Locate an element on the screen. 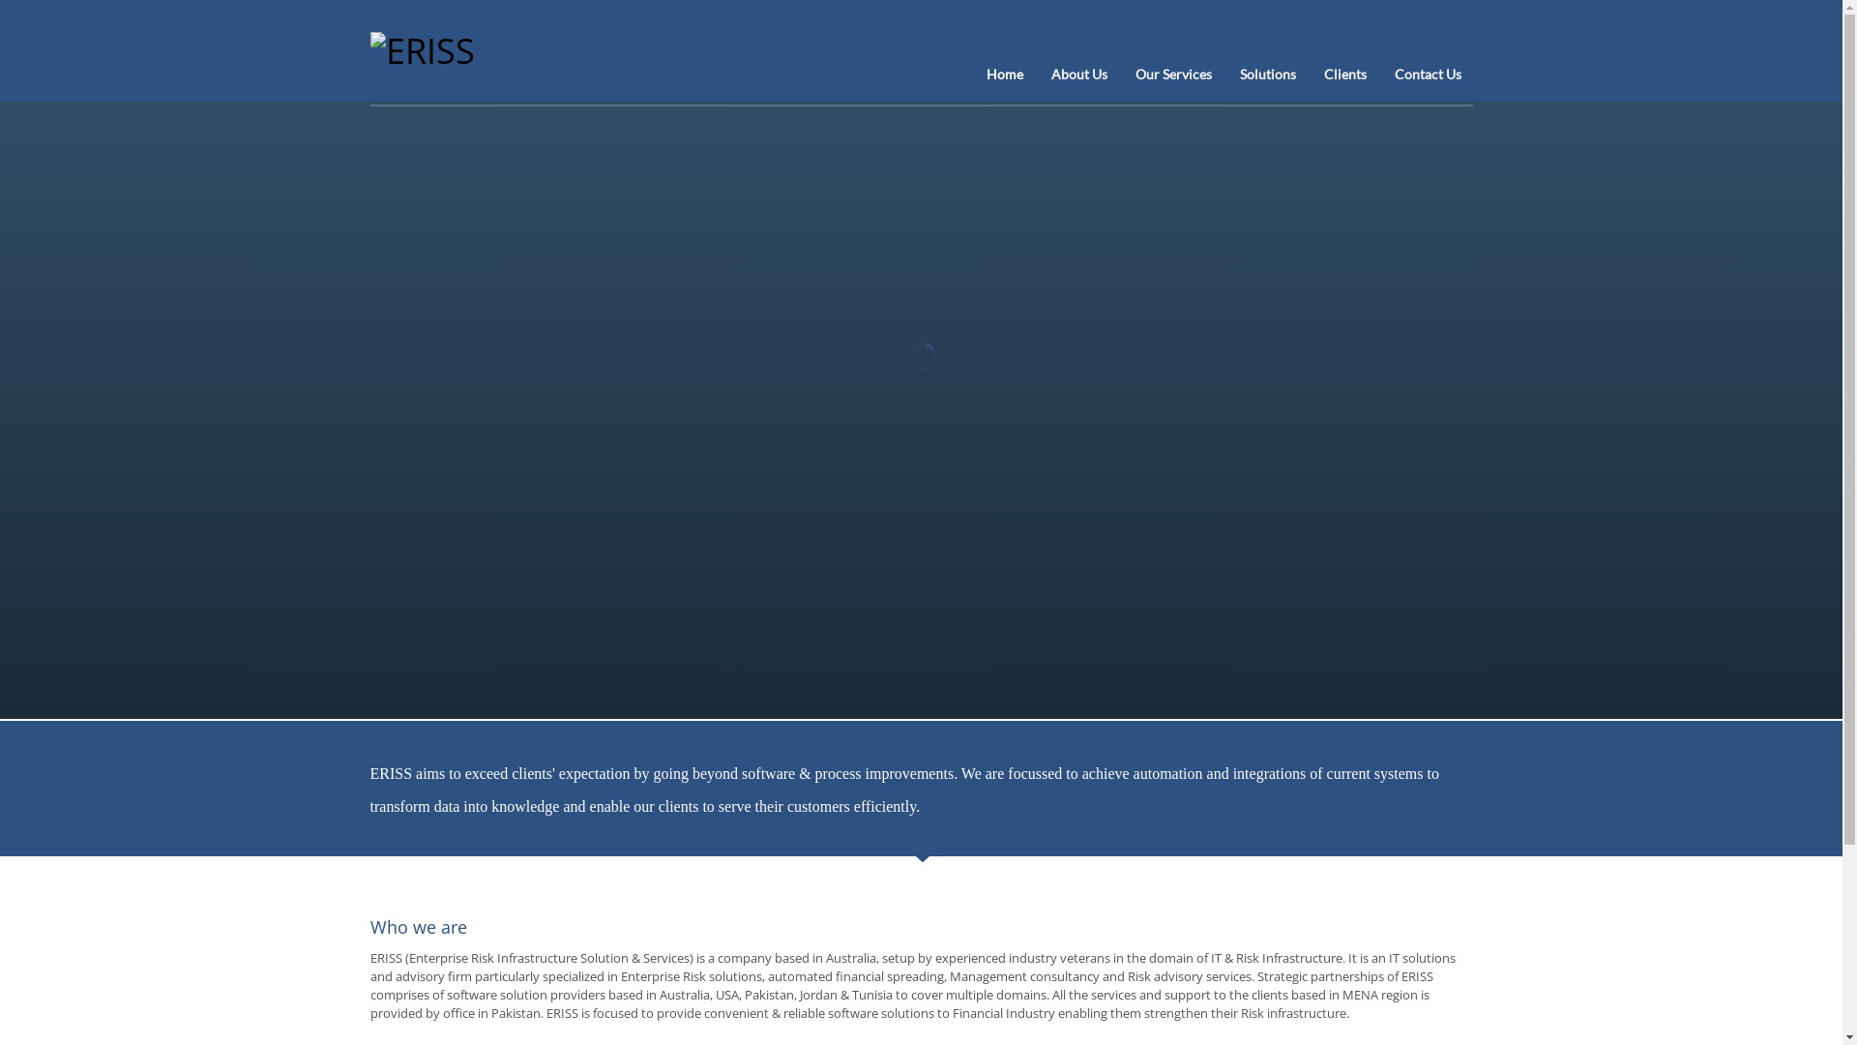 The height and width of the screenshot is (1045, 1857). 'About Us' is located at coordinates (1078, 74).